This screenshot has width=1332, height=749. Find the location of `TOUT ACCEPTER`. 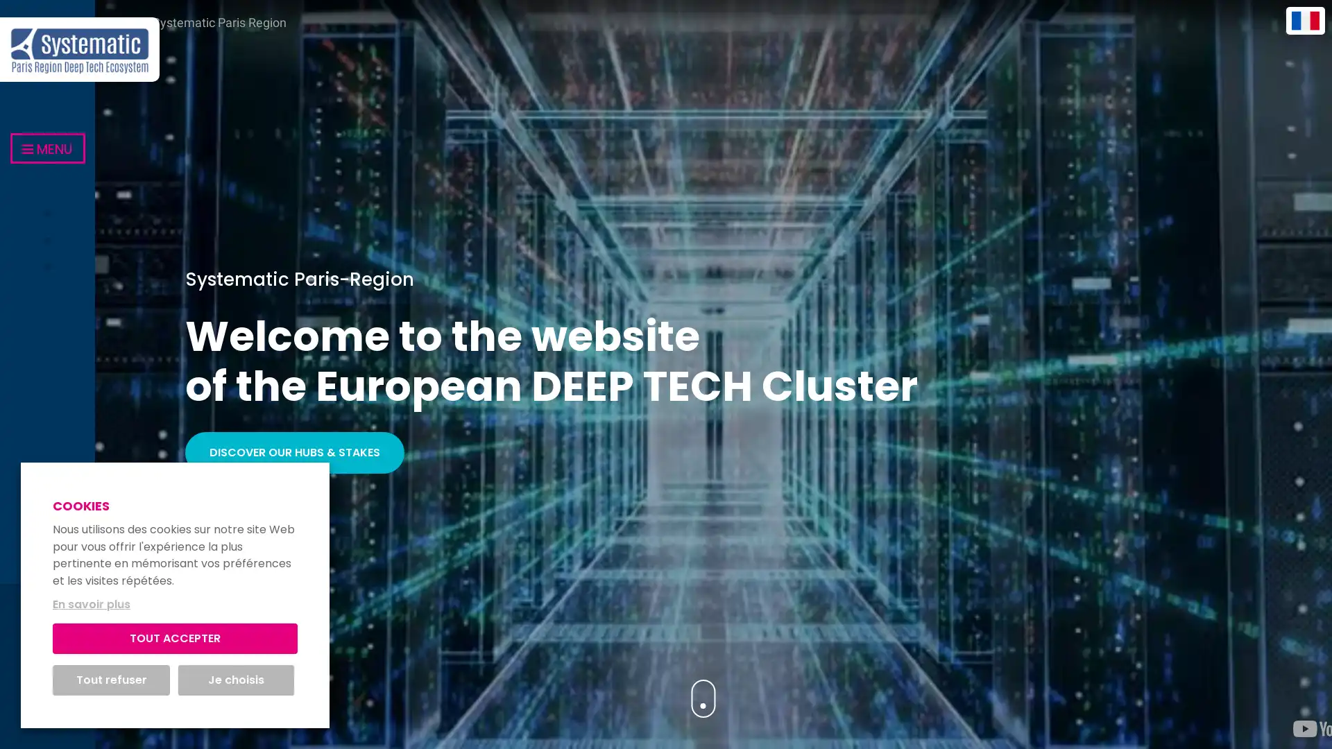

TOUT ACCEPTER is located at coordinates (174, 639).